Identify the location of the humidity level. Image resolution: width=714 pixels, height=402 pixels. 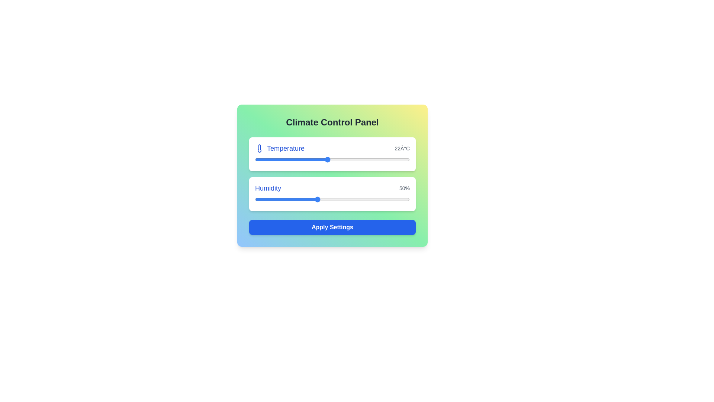
(326, 199).